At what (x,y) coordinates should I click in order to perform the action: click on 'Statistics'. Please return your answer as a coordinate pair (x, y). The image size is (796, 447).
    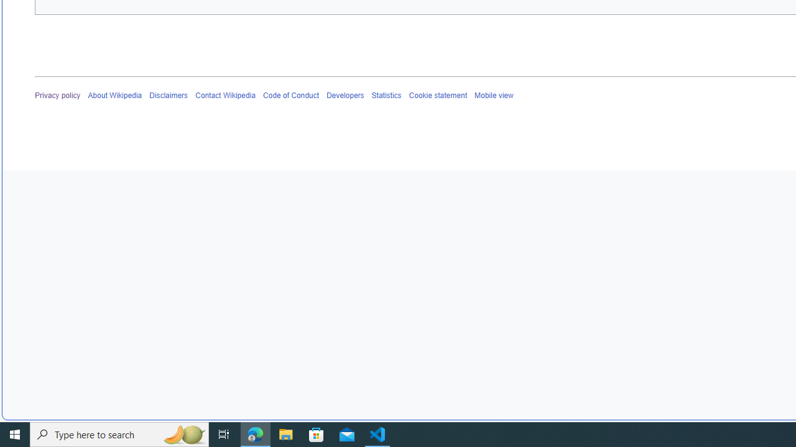
    Looking at the image, I should click on (386, 95).